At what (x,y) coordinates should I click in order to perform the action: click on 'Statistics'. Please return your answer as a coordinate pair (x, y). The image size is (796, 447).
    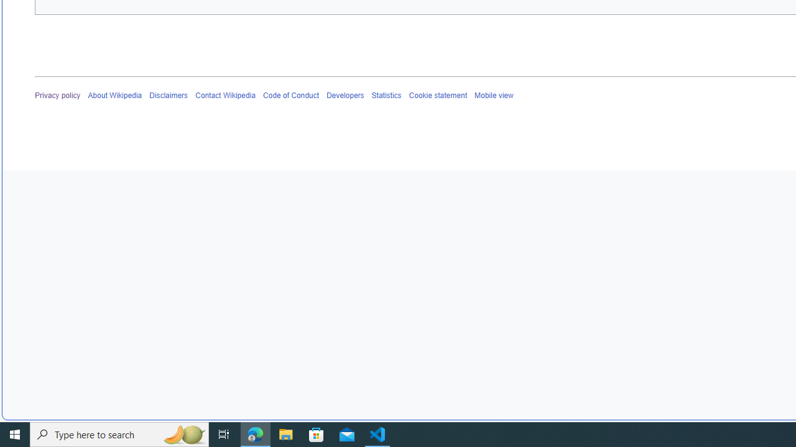
    Looking at the image, I should click on (386, 95).